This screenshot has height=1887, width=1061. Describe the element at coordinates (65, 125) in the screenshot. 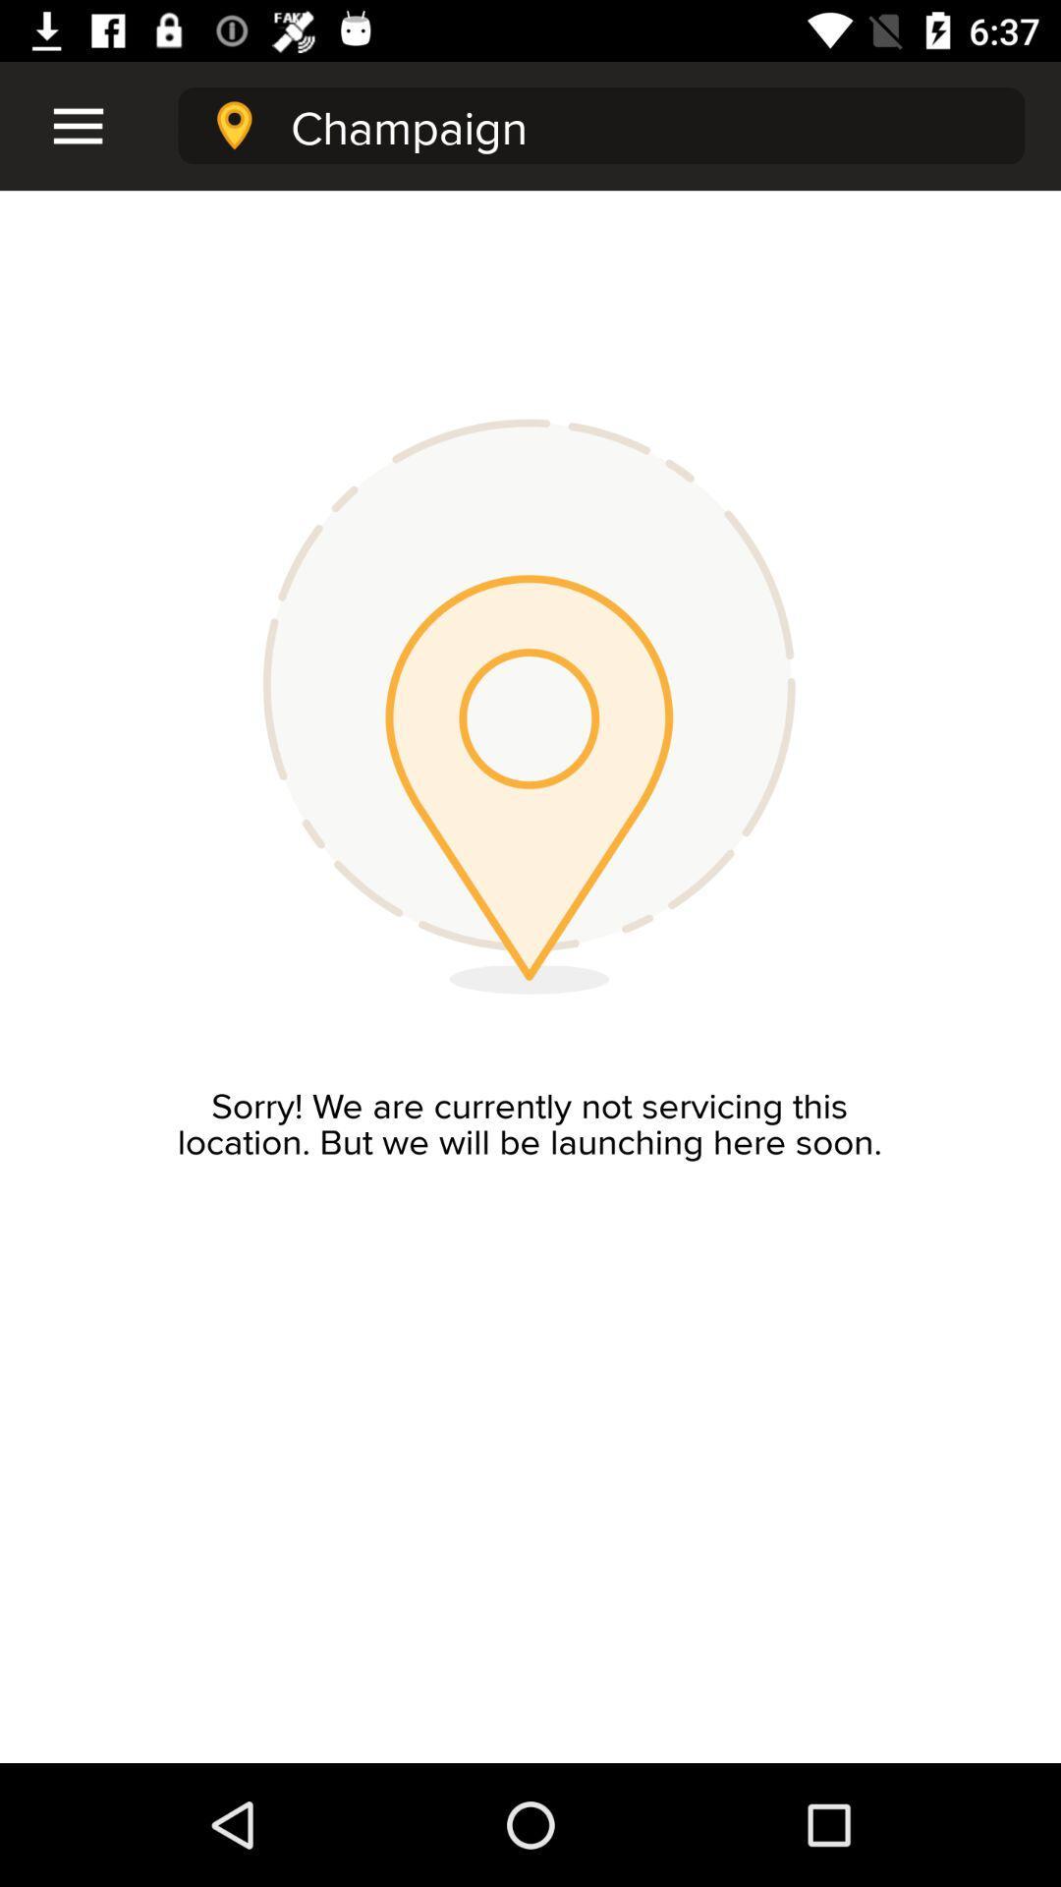

I see `the menu icon` at that location.